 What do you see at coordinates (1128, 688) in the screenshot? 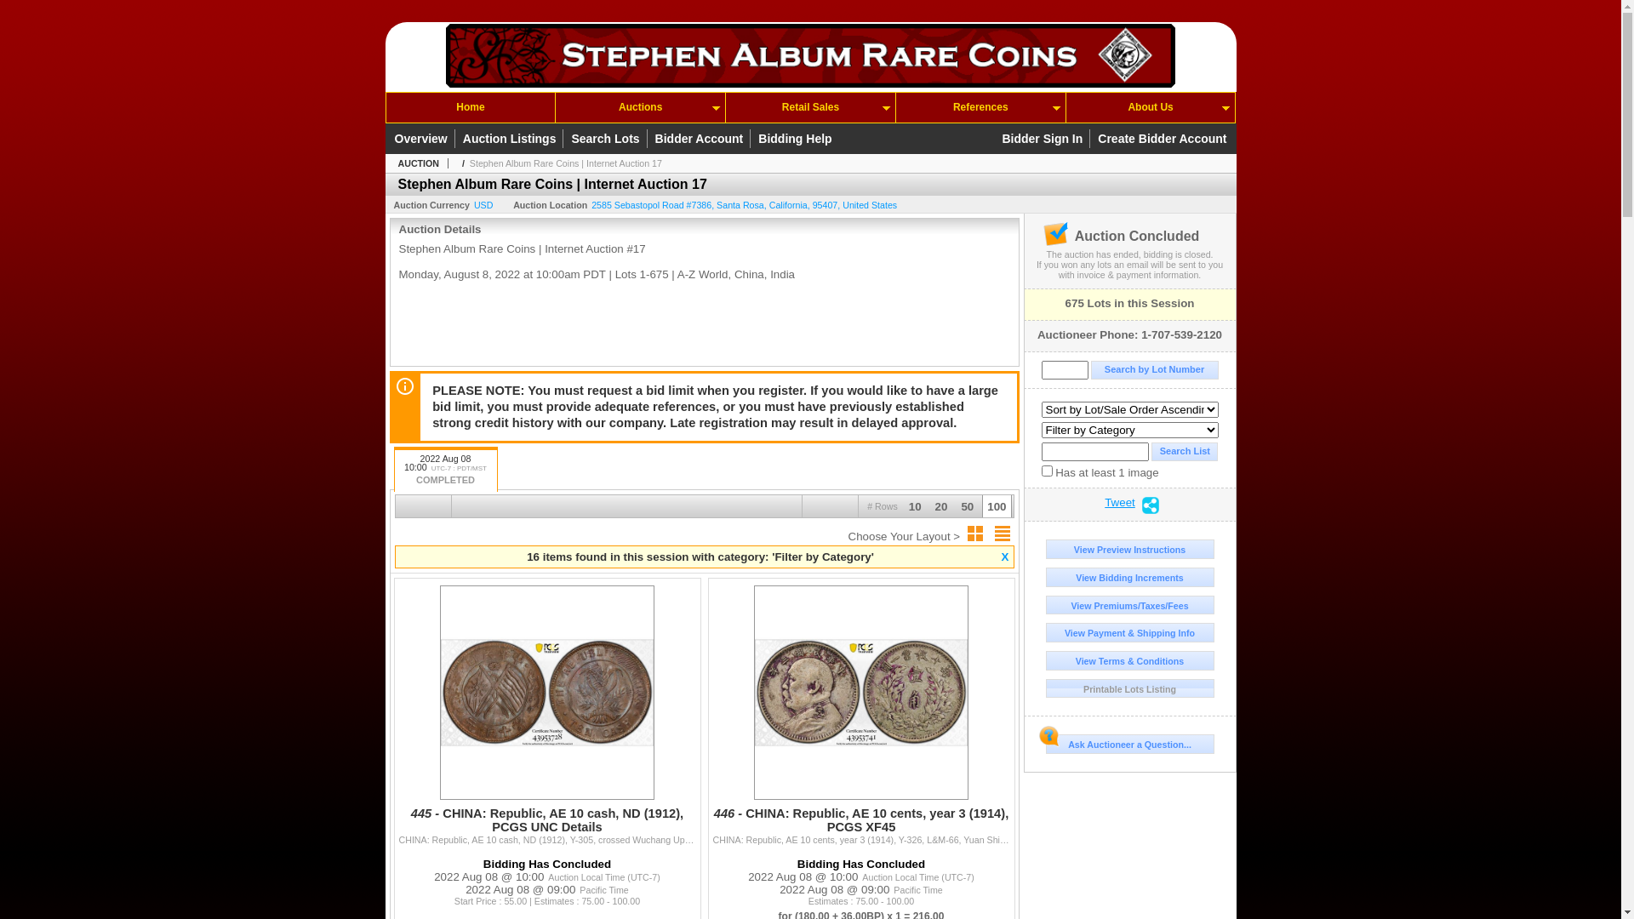
I see `'Printable Lots Listing'` at bounding box center [1128, 688].